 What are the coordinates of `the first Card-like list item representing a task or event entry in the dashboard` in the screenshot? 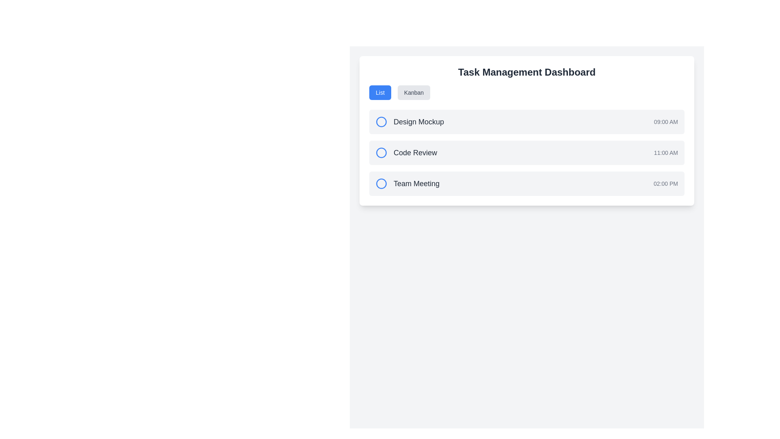 It's located at (526, 122).